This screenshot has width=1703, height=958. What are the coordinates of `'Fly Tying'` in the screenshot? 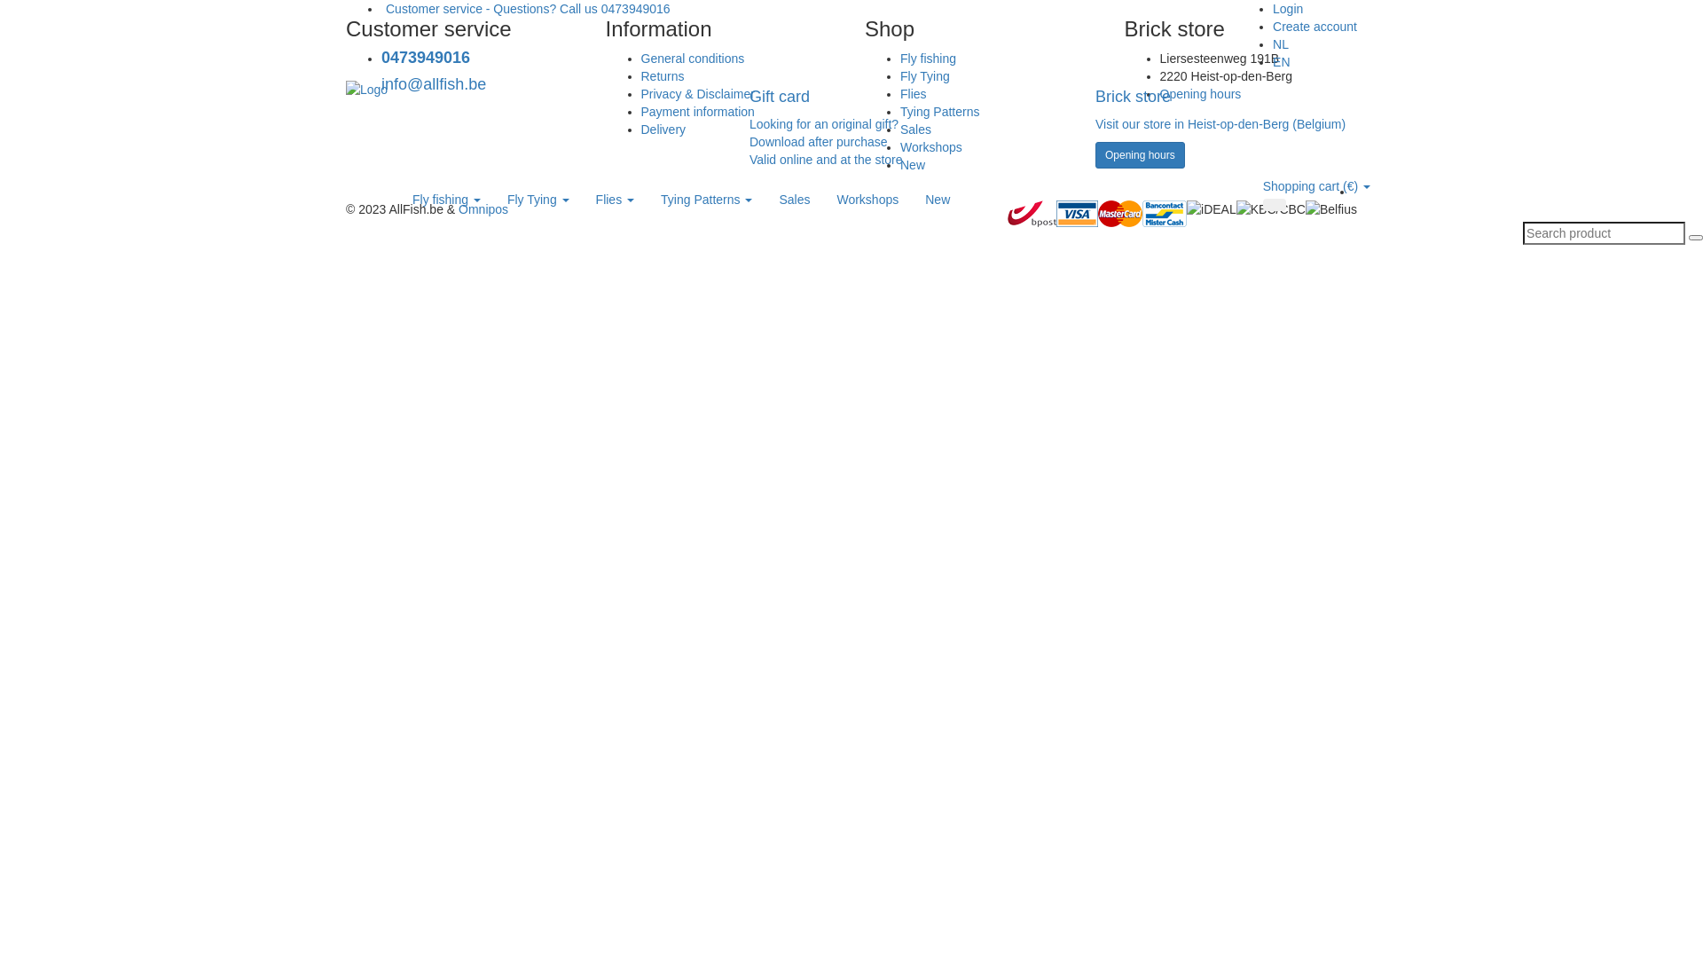 It's located at (537, 199).